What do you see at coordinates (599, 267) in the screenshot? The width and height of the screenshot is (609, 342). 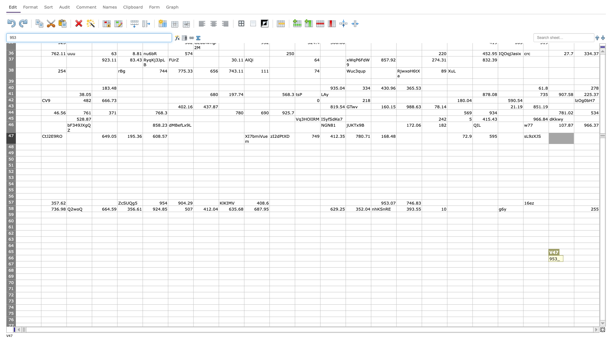 I see `fill handle point of W67` at bounding box center [599, 267].